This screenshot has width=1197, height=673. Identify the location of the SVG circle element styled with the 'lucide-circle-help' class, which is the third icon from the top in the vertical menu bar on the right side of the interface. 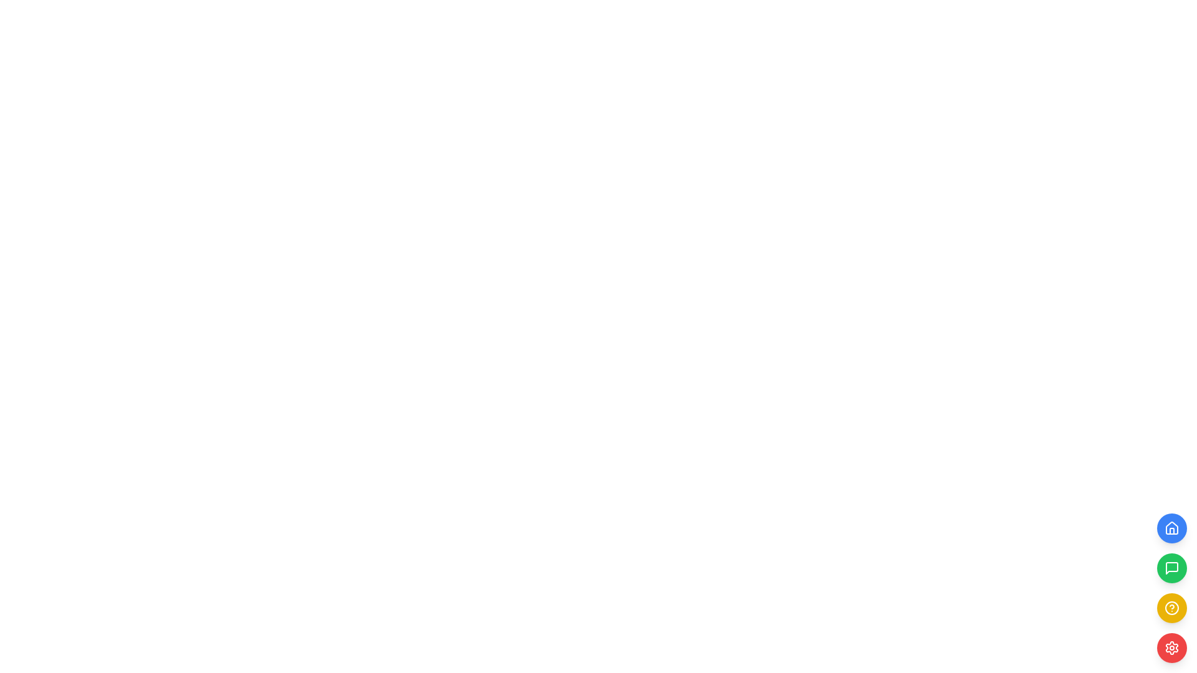
(1171, 607).